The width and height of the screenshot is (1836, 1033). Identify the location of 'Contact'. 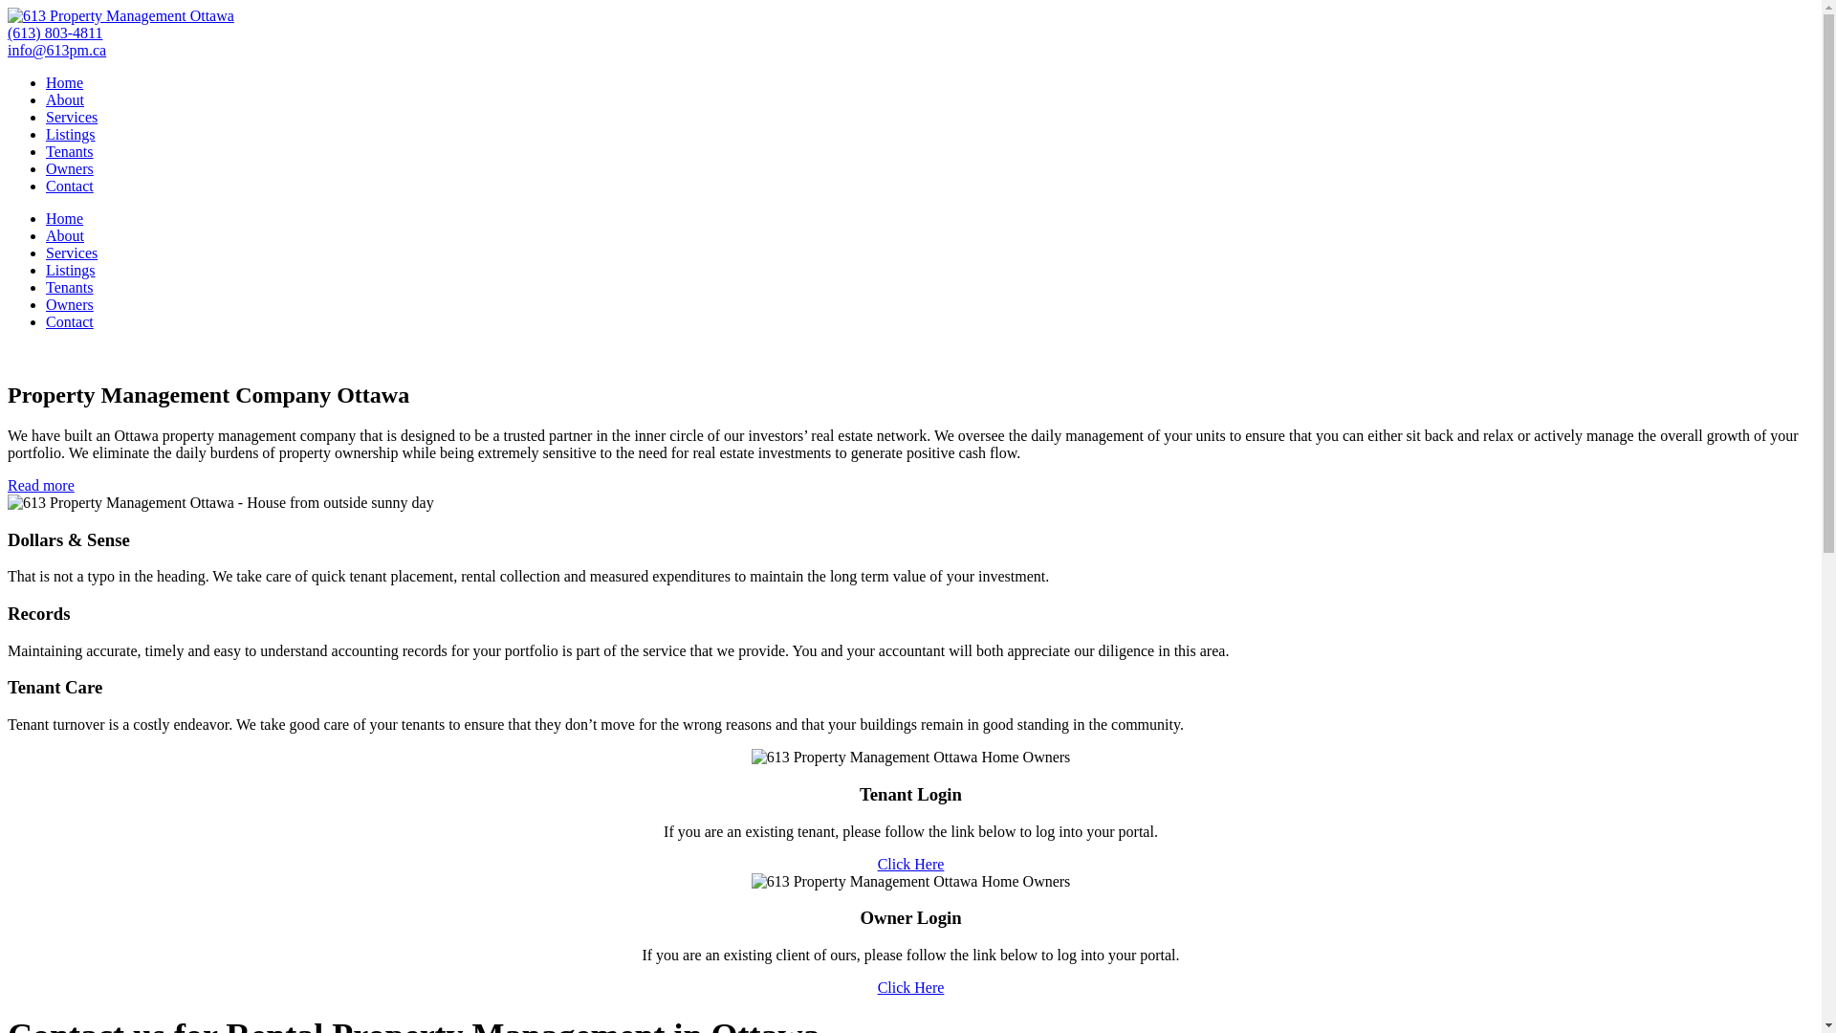
(69, 320).